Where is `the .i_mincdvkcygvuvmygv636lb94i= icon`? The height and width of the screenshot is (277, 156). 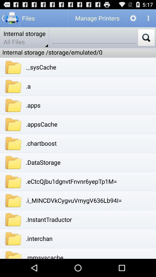
the .i_mincdvkcygvuvmygv636lb94i= icon is located at coordinates (74, 200).